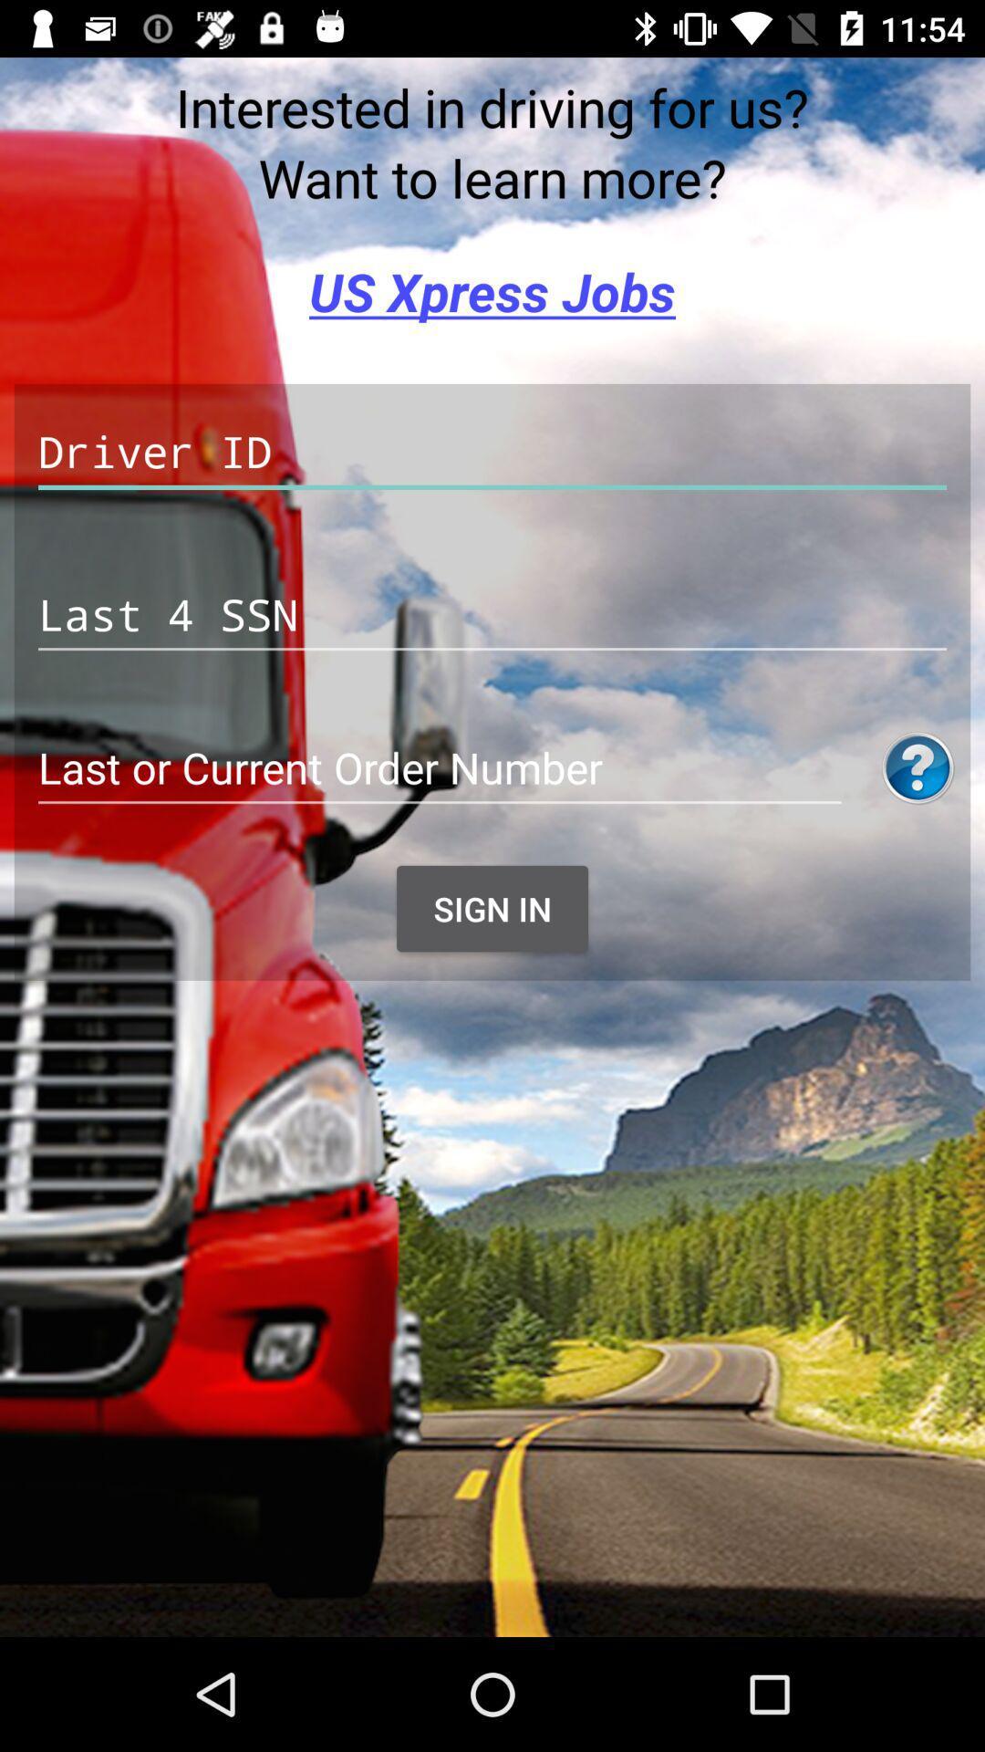  I want to click on the help icon, so click(918, 768).